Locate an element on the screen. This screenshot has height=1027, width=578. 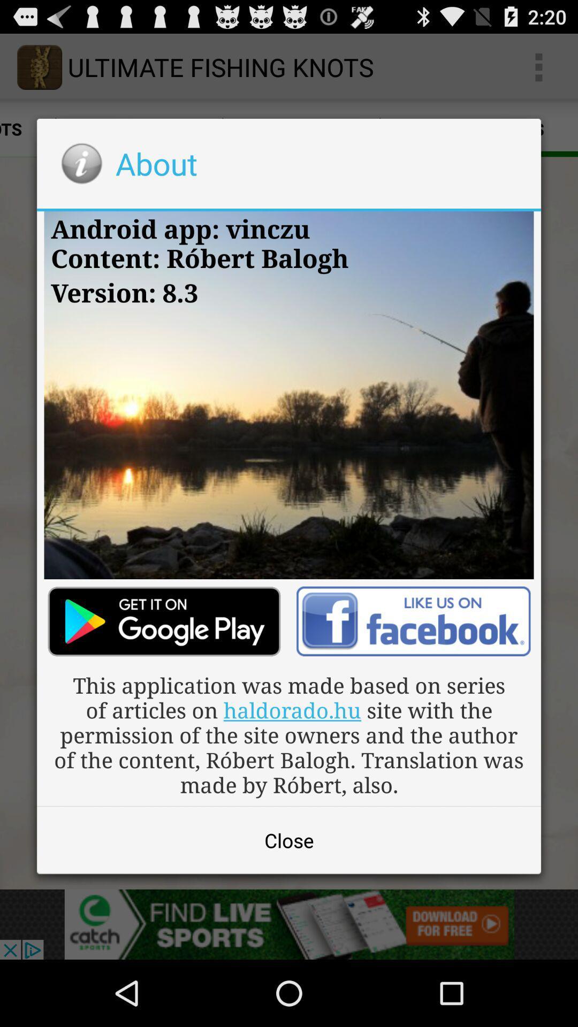
like the article on facebook is located at coordinates (413, 621).